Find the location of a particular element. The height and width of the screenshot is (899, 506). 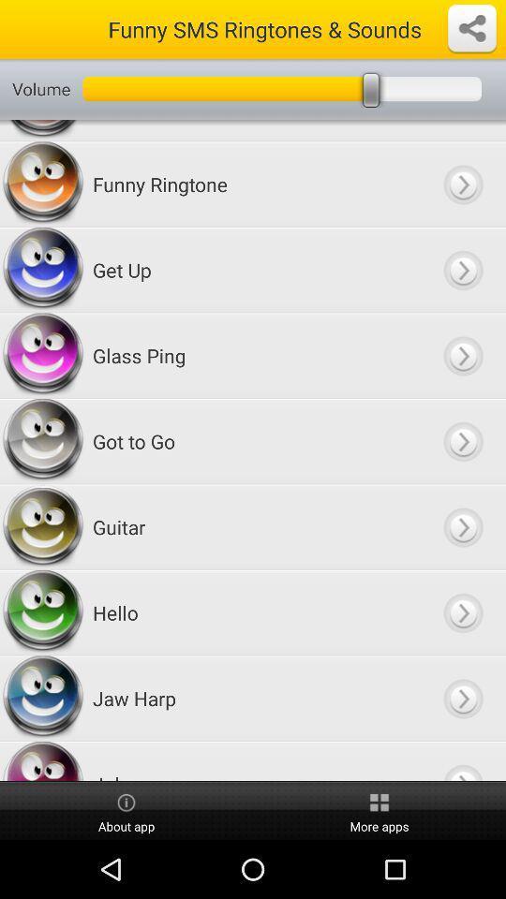

open settings is located at coordinates (470, 28).